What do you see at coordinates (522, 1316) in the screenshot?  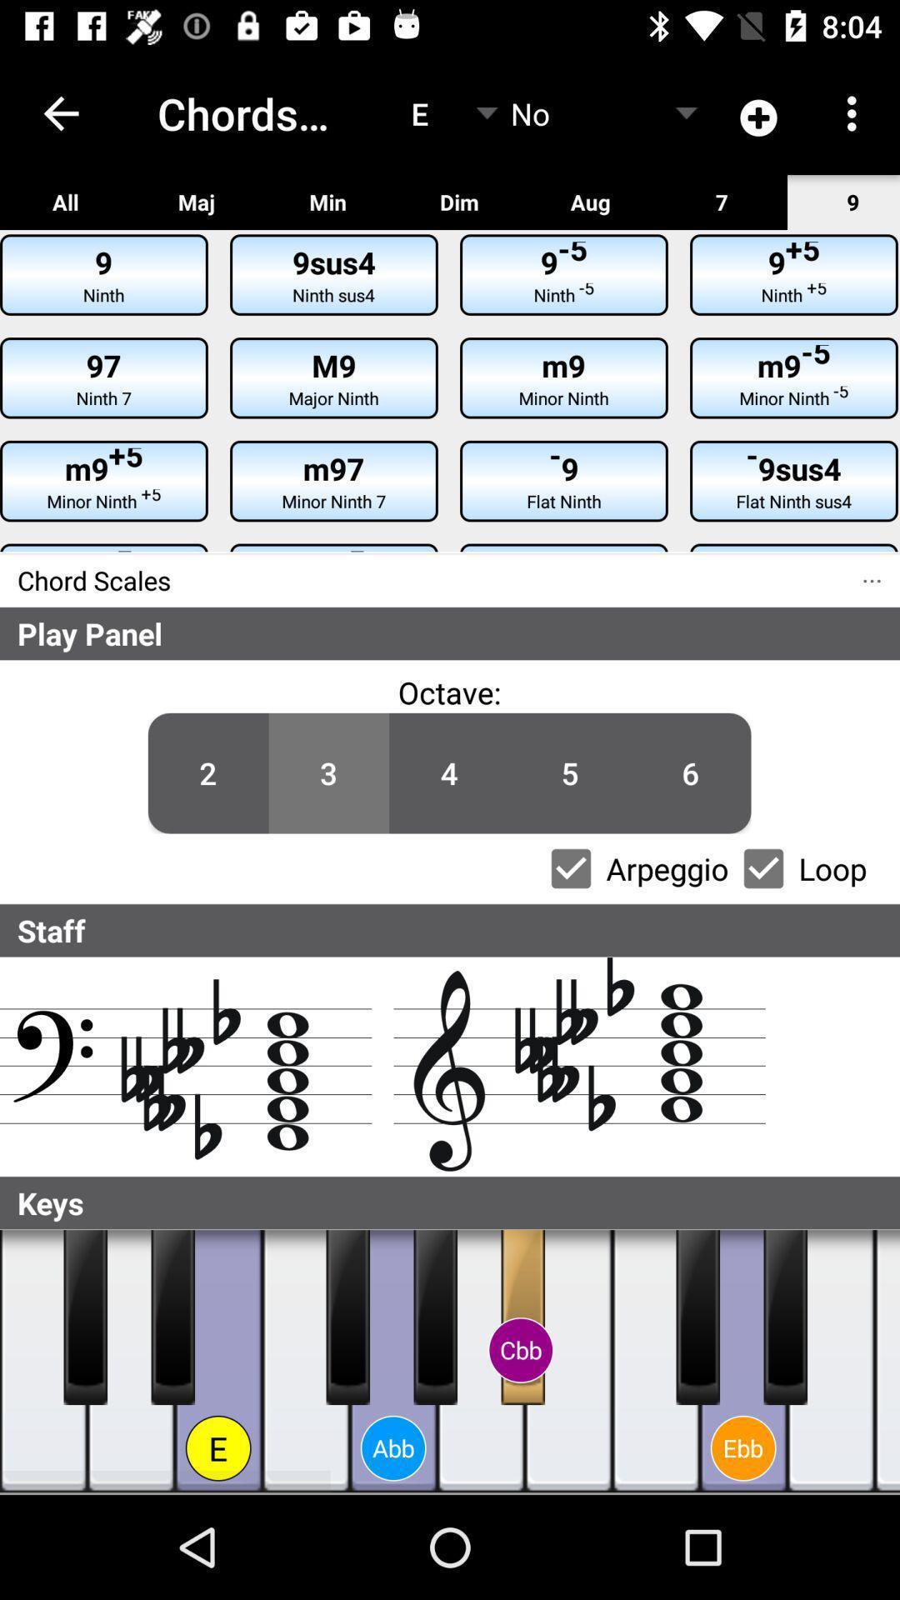 I see `click the cbb key` at bounding box center [522, 1316].